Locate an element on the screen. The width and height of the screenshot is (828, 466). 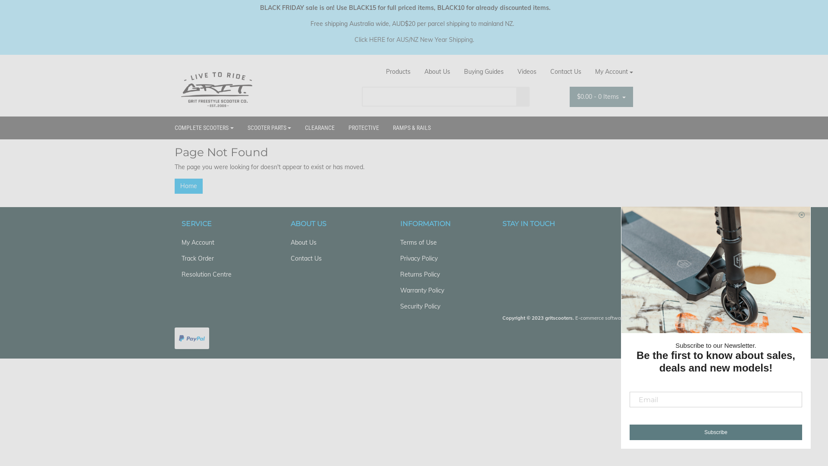
'Returns Policy' is located at coordinates (393, 274).